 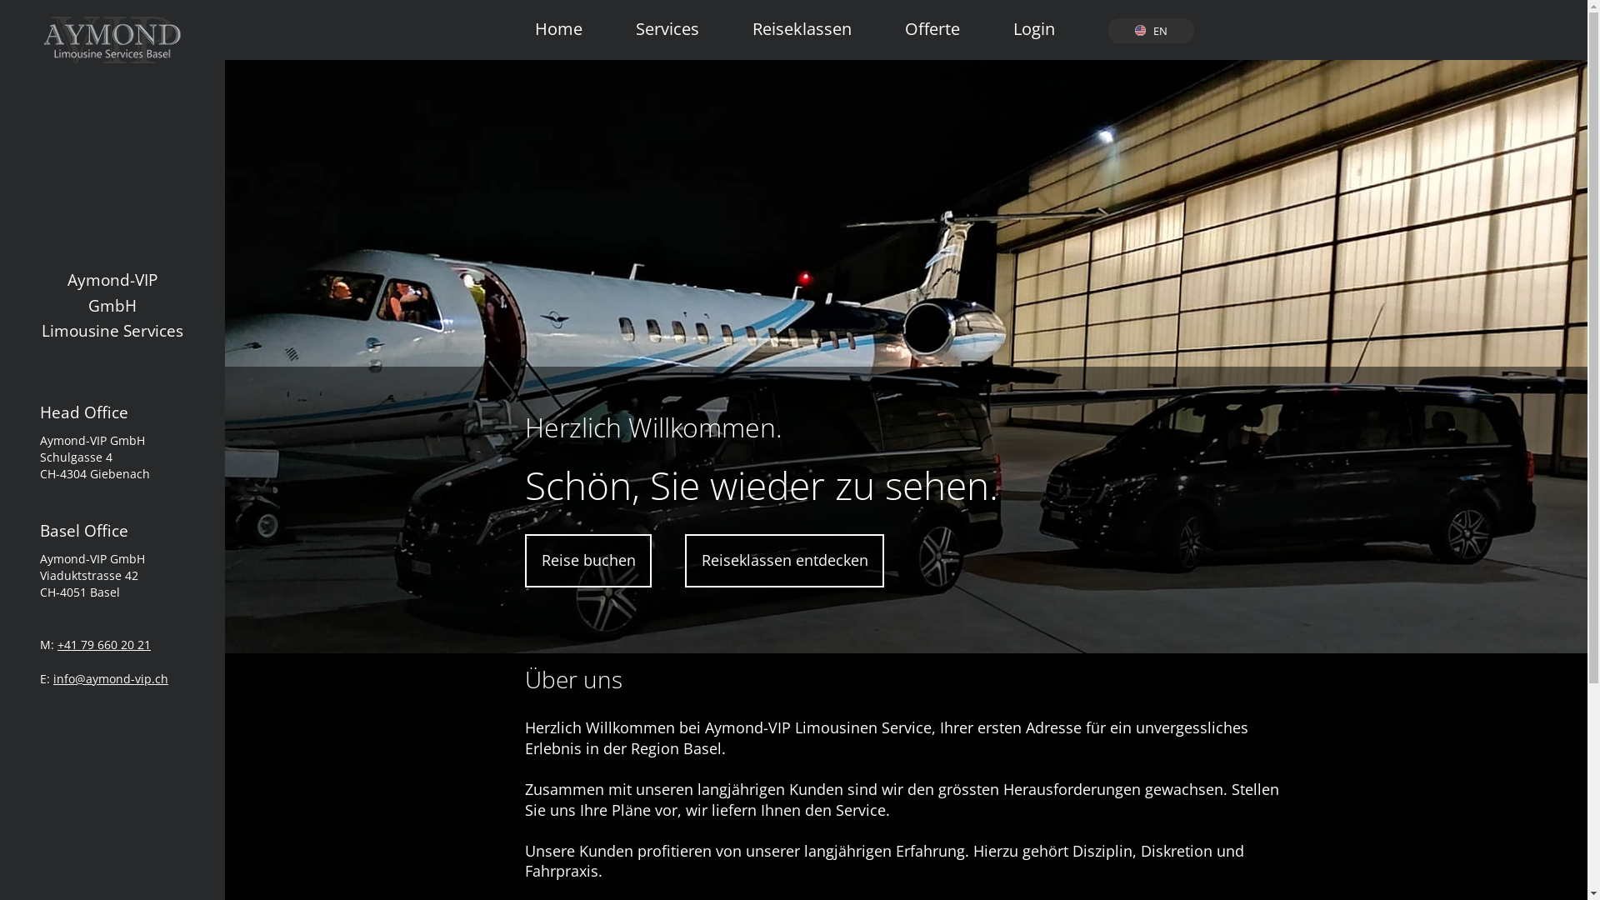 What do you see at coordinates (783, 560) in the screenshot?
I see `'Reiseklassen entdecken'` at bounding box center [783, 560].